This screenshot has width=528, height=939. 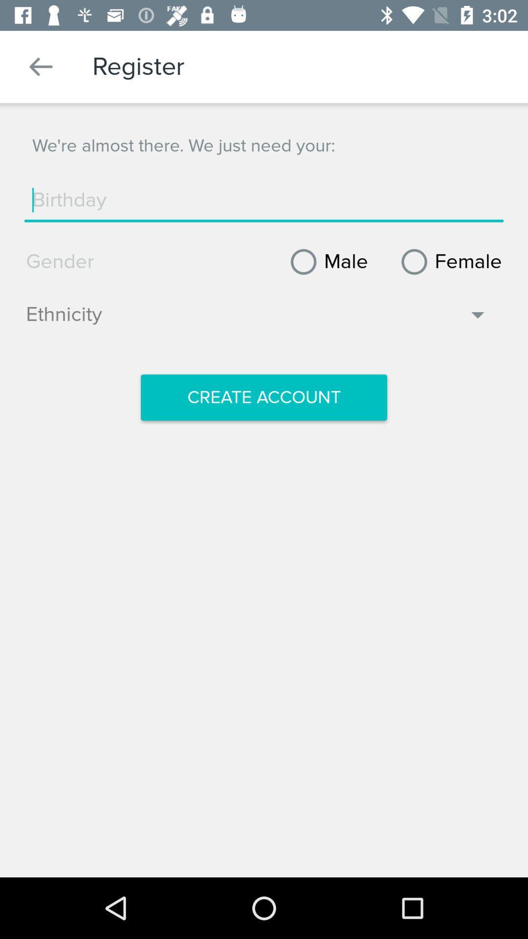 I want to click on the app next to the register icon, so click(x=41, y=66).